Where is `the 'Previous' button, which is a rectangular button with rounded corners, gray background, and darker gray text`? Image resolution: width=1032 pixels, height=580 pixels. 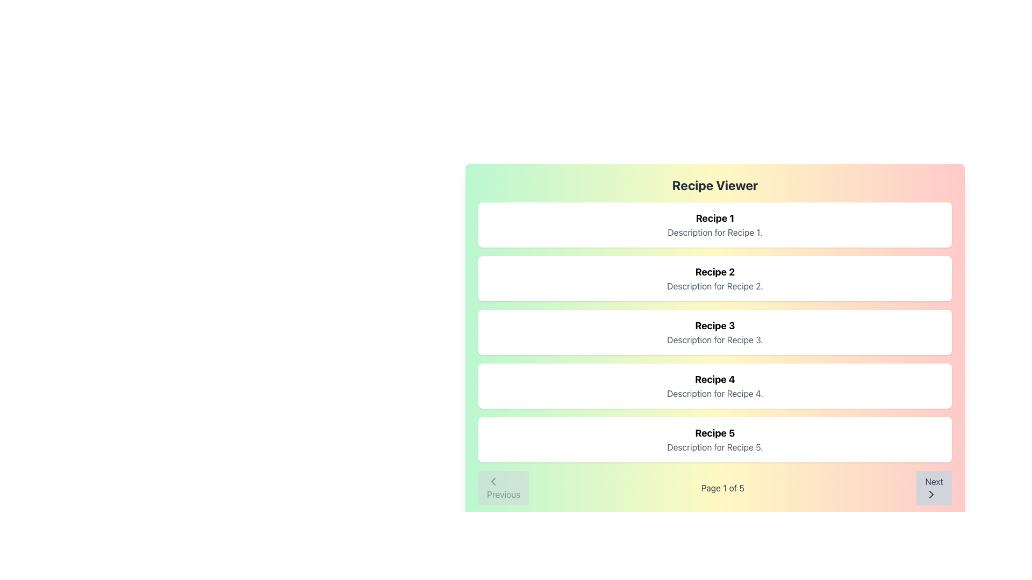 the 'Previous' button, which is a rectangular button with rounded corners, gray background, and darker gray text is located at coordinates (503, 488).